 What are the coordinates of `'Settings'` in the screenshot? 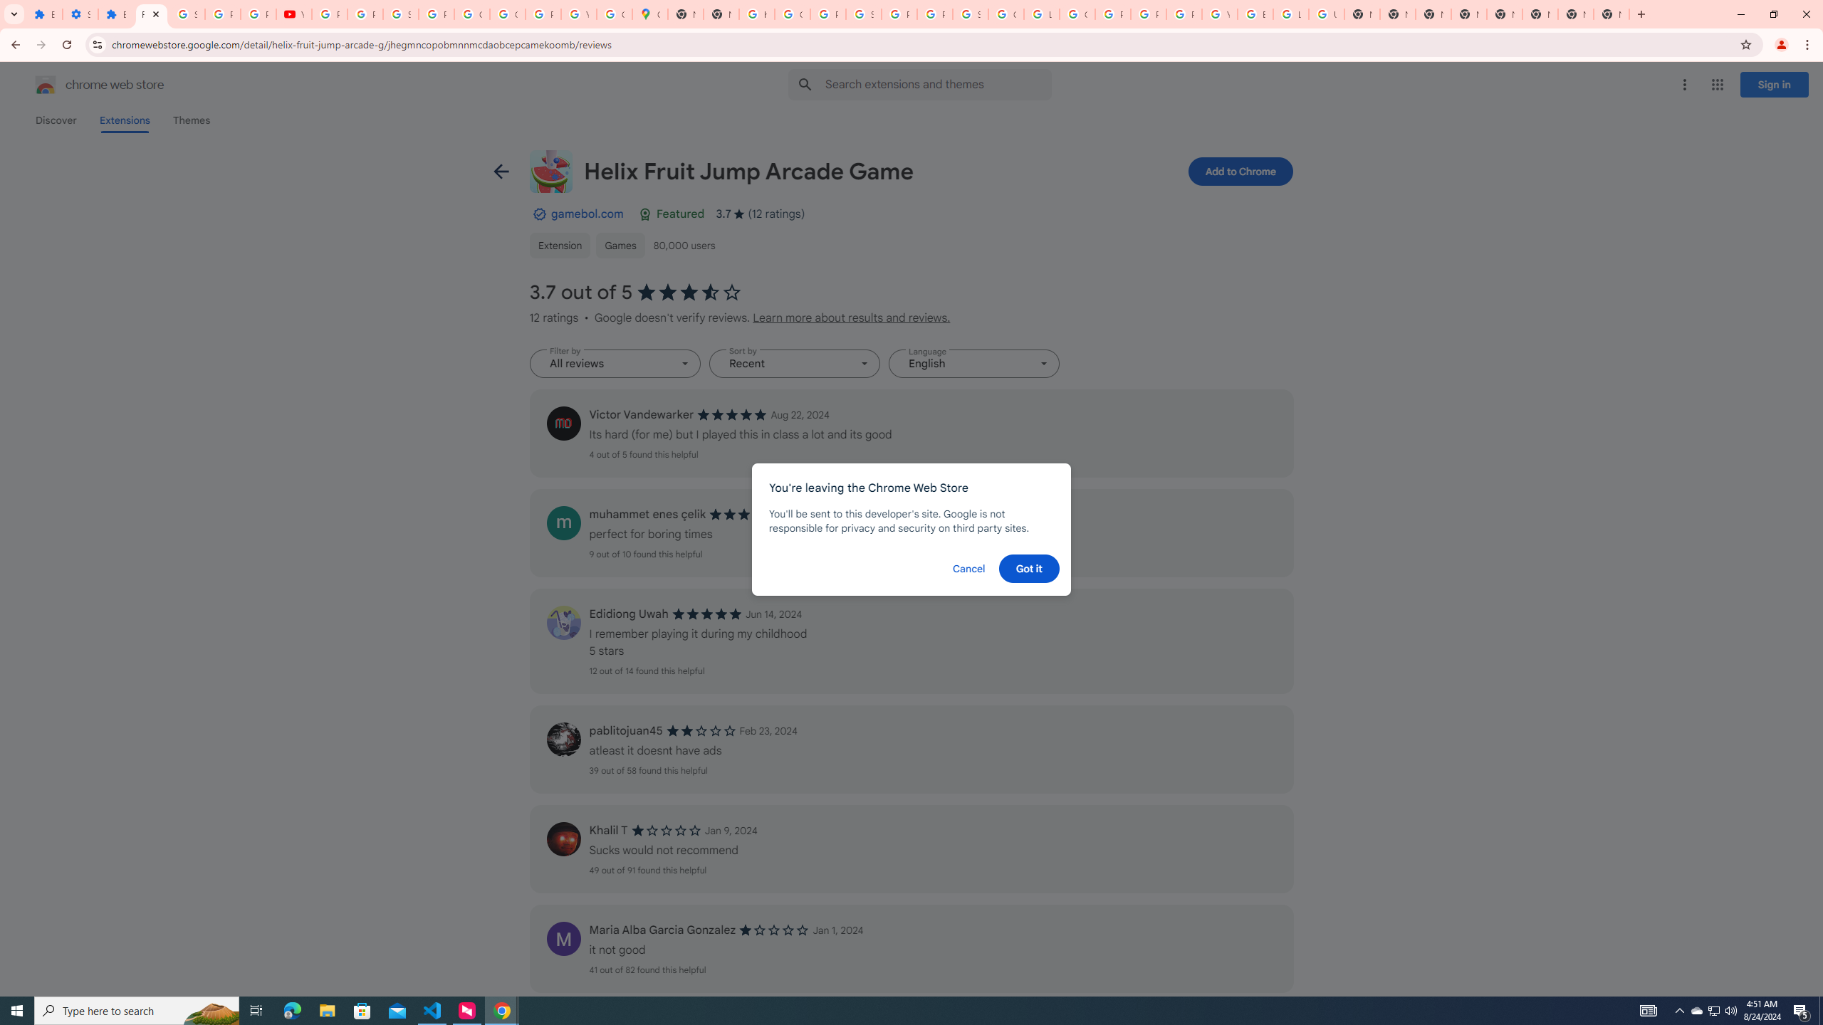 It's located at (79, 14).